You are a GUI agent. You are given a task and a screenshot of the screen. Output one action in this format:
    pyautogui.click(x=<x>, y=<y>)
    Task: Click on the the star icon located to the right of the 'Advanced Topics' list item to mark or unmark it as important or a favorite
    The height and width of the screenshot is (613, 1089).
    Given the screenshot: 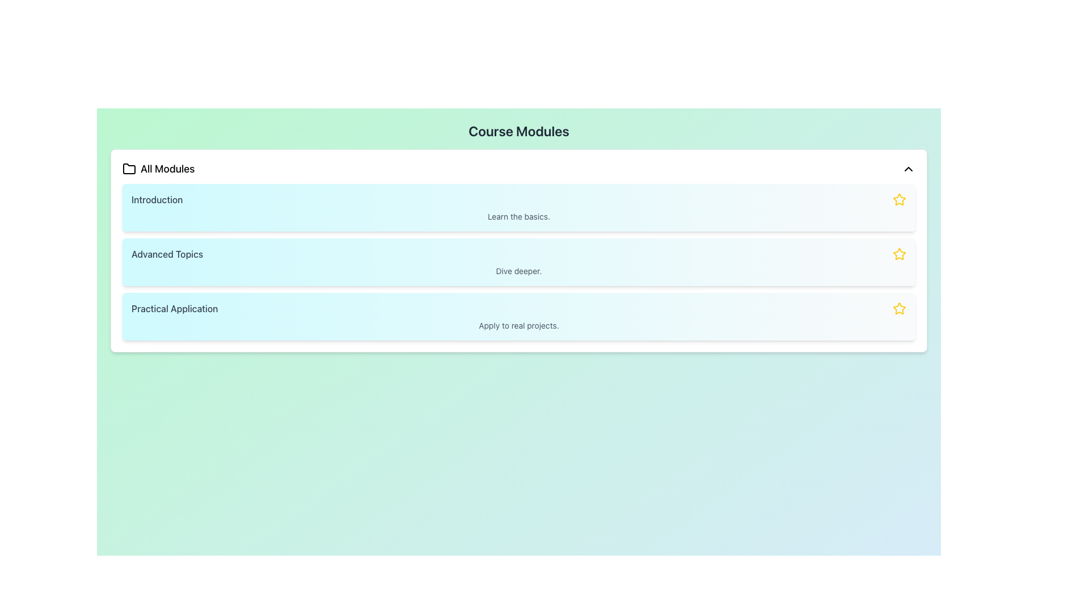 What is the action you would take?
    pyautogui.click(x=898, y=308)
    